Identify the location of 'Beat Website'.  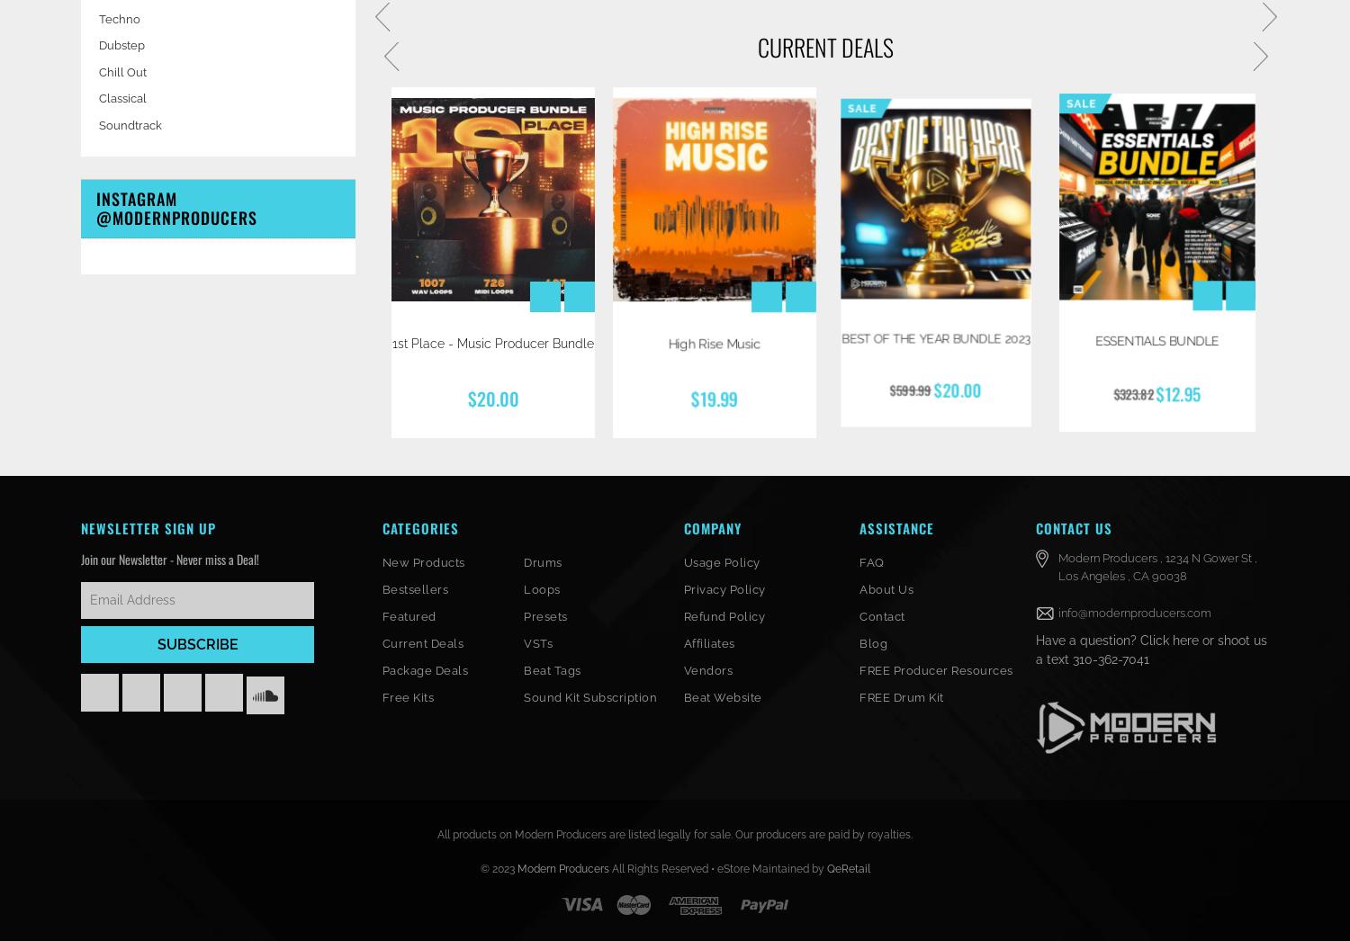
(722, 695).